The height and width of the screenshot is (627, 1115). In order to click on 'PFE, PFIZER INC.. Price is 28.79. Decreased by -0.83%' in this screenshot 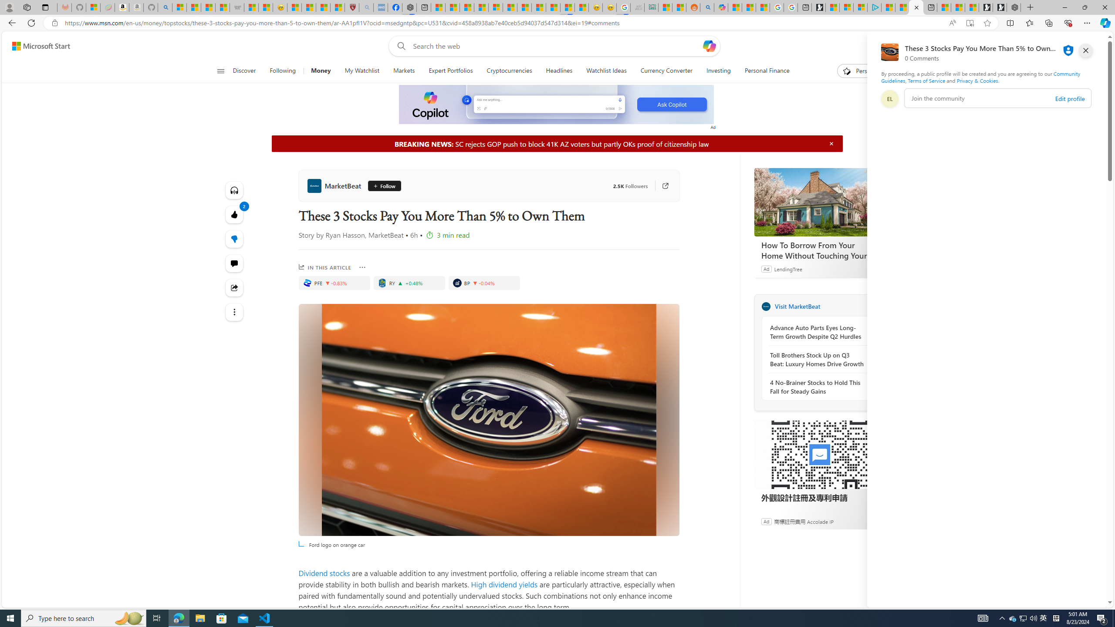, I will do `click(334, 282)`.